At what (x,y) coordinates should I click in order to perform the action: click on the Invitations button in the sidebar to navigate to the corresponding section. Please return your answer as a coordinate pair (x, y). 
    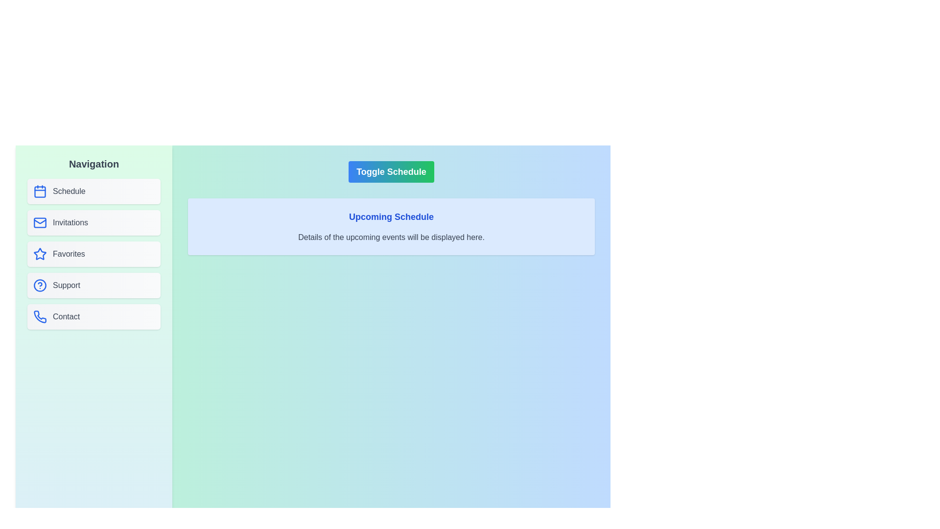
    Looking at the image, I should click on (94, 223).